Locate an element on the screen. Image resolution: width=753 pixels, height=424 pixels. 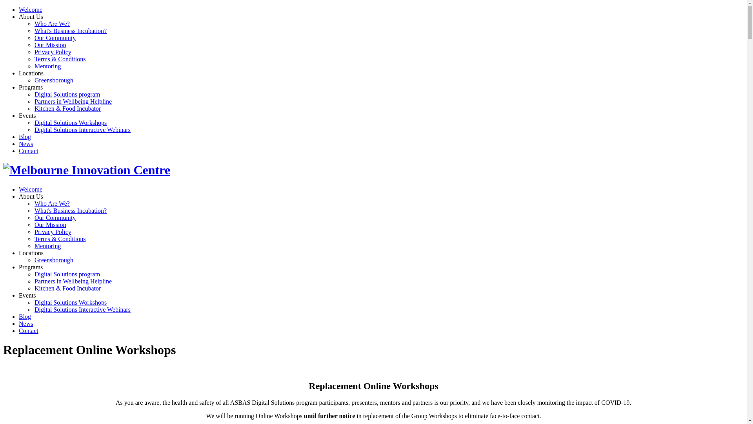
'Welcome' is located at coordinates (30, 189).